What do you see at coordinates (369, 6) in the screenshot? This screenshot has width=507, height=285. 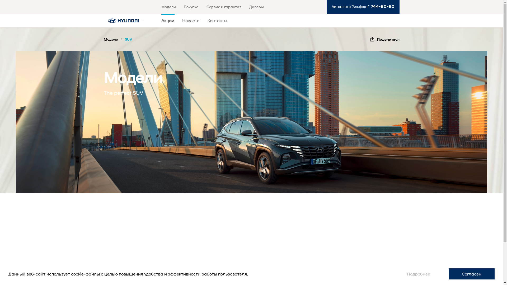 I see `'744-60-60'` at bounding box center [369, 6].